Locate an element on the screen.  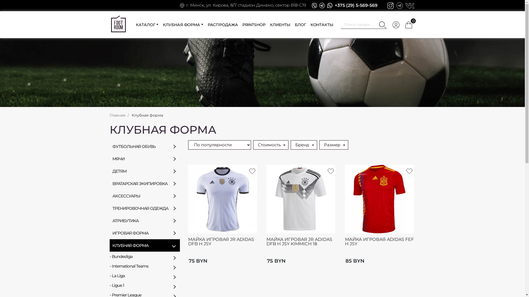
'PRINTSHOP' is located at coordinates (253, 24).